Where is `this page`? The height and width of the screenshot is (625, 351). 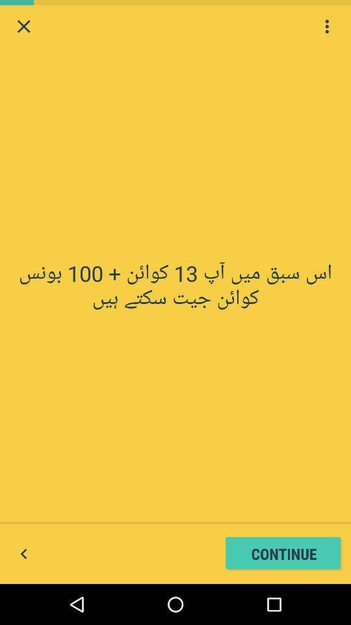 this page is located at coordinates (23, 25).